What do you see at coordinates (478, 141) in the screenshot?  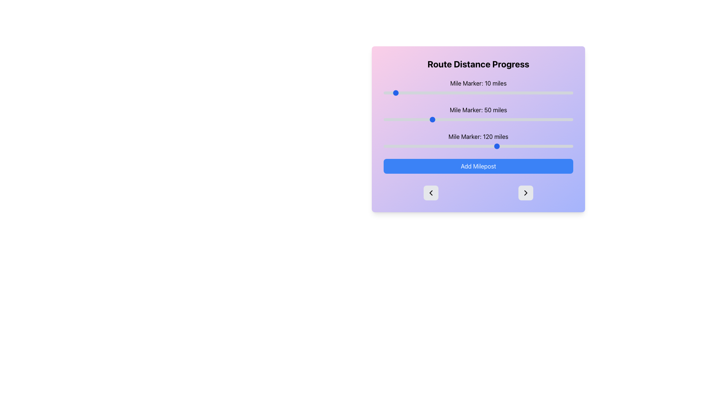 I see `the slider labeled 'Mile Marker: 120 miles'` at bounding box center [478, 141].